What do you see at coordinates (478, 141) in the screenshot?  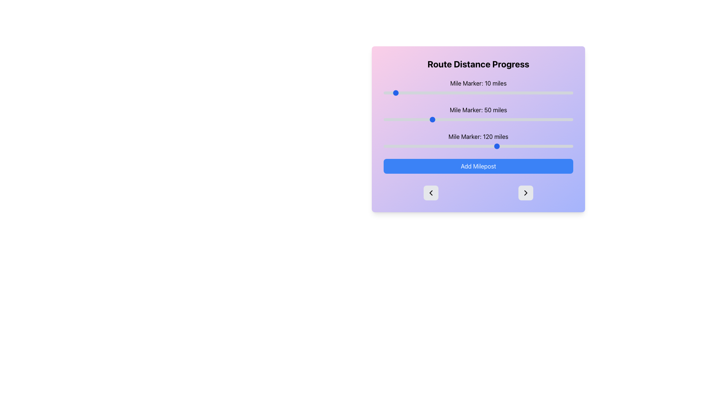 I see `the slider labeled 'Mile Marker: 120 miles'` at bounding box center [478, 141].